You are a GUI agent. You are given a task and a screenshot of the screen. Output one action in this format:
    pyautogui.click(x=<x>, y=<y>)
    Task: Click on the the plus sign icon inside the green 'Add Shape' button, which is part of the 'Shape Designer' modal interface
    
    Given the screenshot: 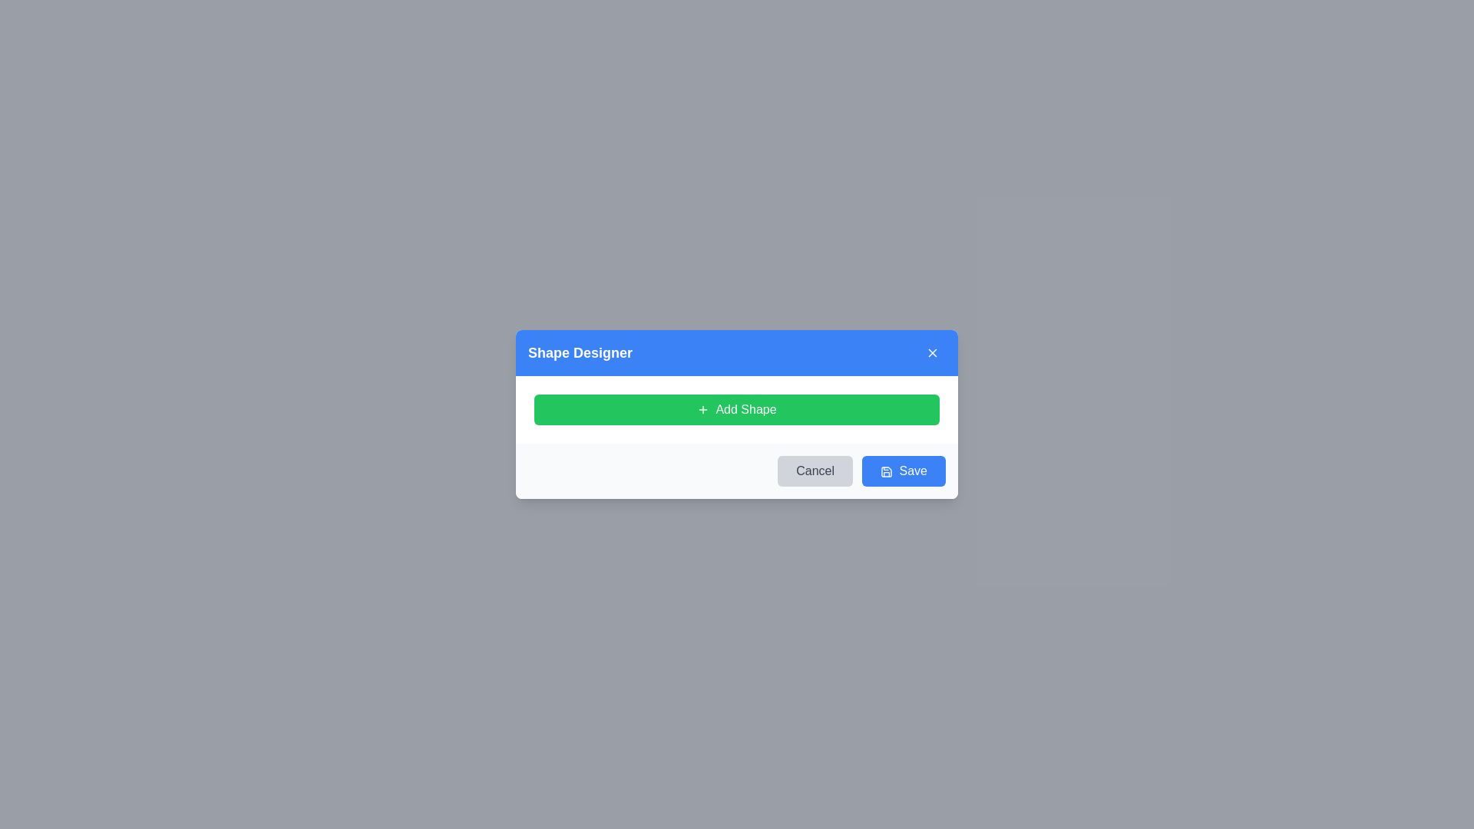 What is the action you would take?
    pyautogui.click(x=702, y=408)
    